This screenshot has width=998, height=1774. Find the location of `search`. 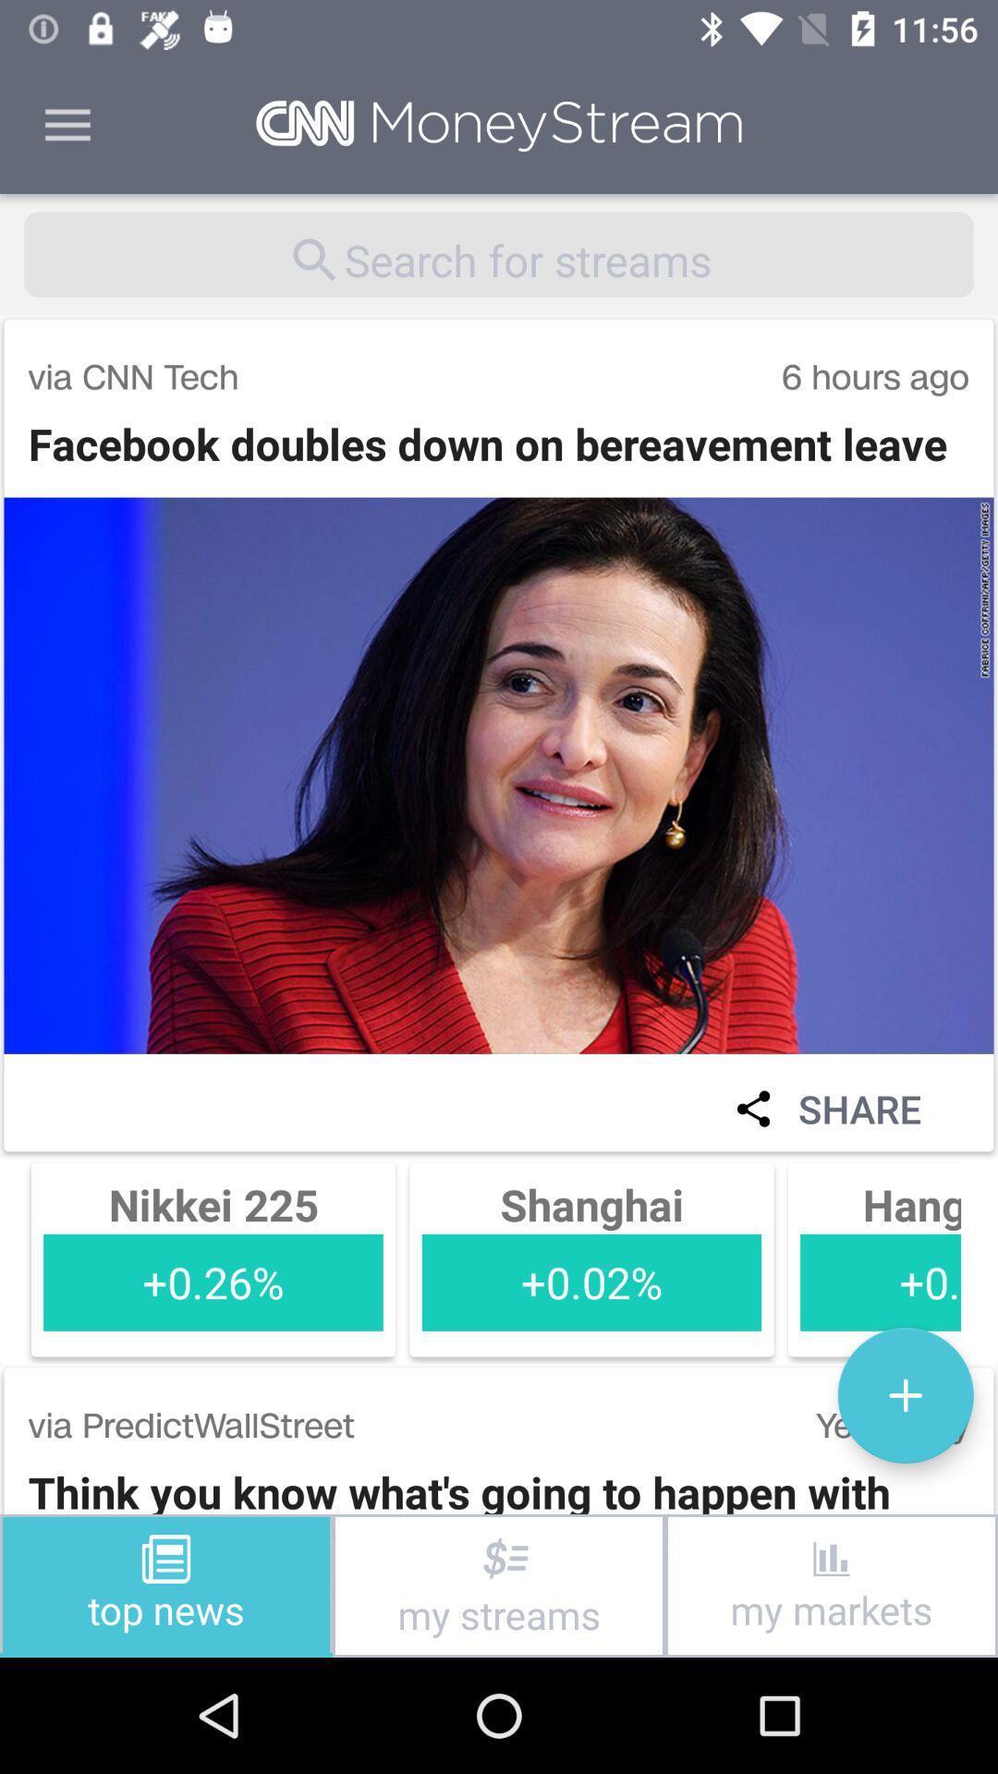

search is located at coordinates (499, 253).